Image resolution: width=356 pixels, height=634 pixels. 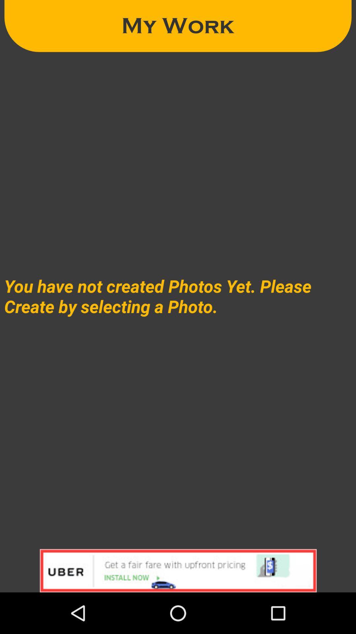 What do you see at coordinates (178, 570) in the screenshot?
I see `expand add` at bounding box center [178, 570].